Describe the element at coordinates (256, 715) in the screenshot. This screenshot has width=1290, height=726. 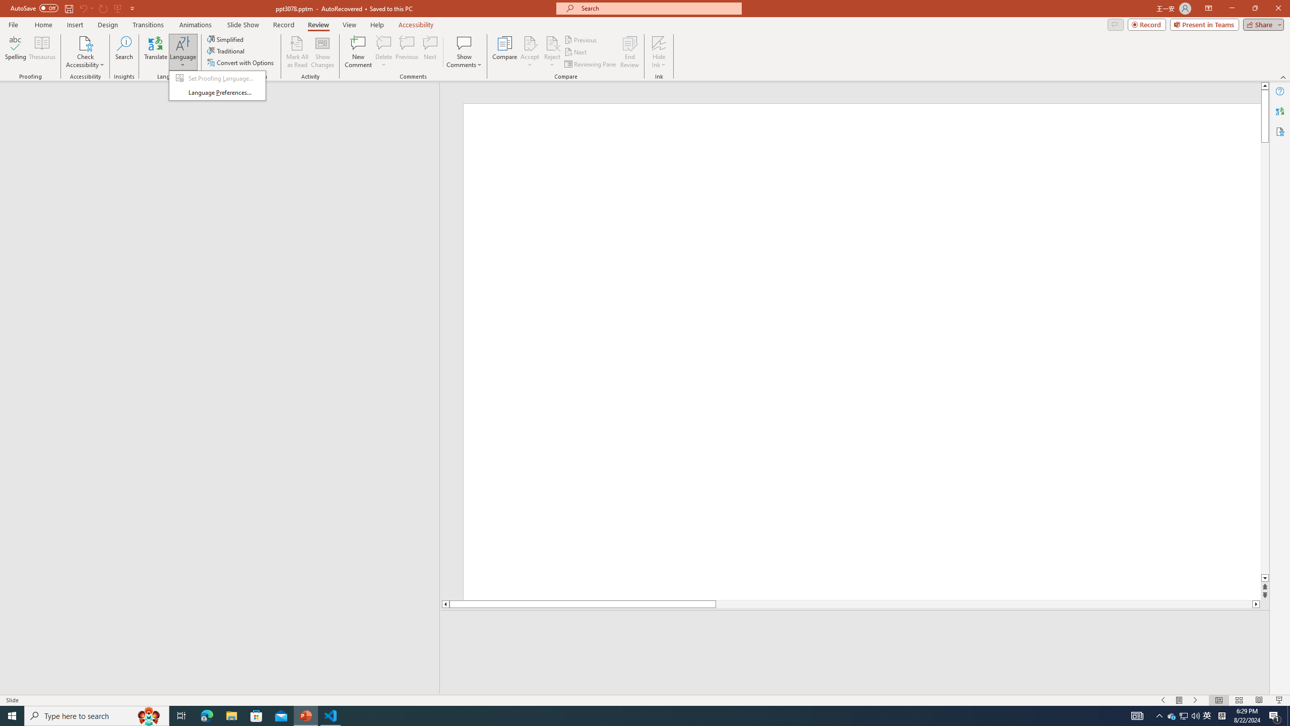
I see `'Microsoft Store'` at that location.